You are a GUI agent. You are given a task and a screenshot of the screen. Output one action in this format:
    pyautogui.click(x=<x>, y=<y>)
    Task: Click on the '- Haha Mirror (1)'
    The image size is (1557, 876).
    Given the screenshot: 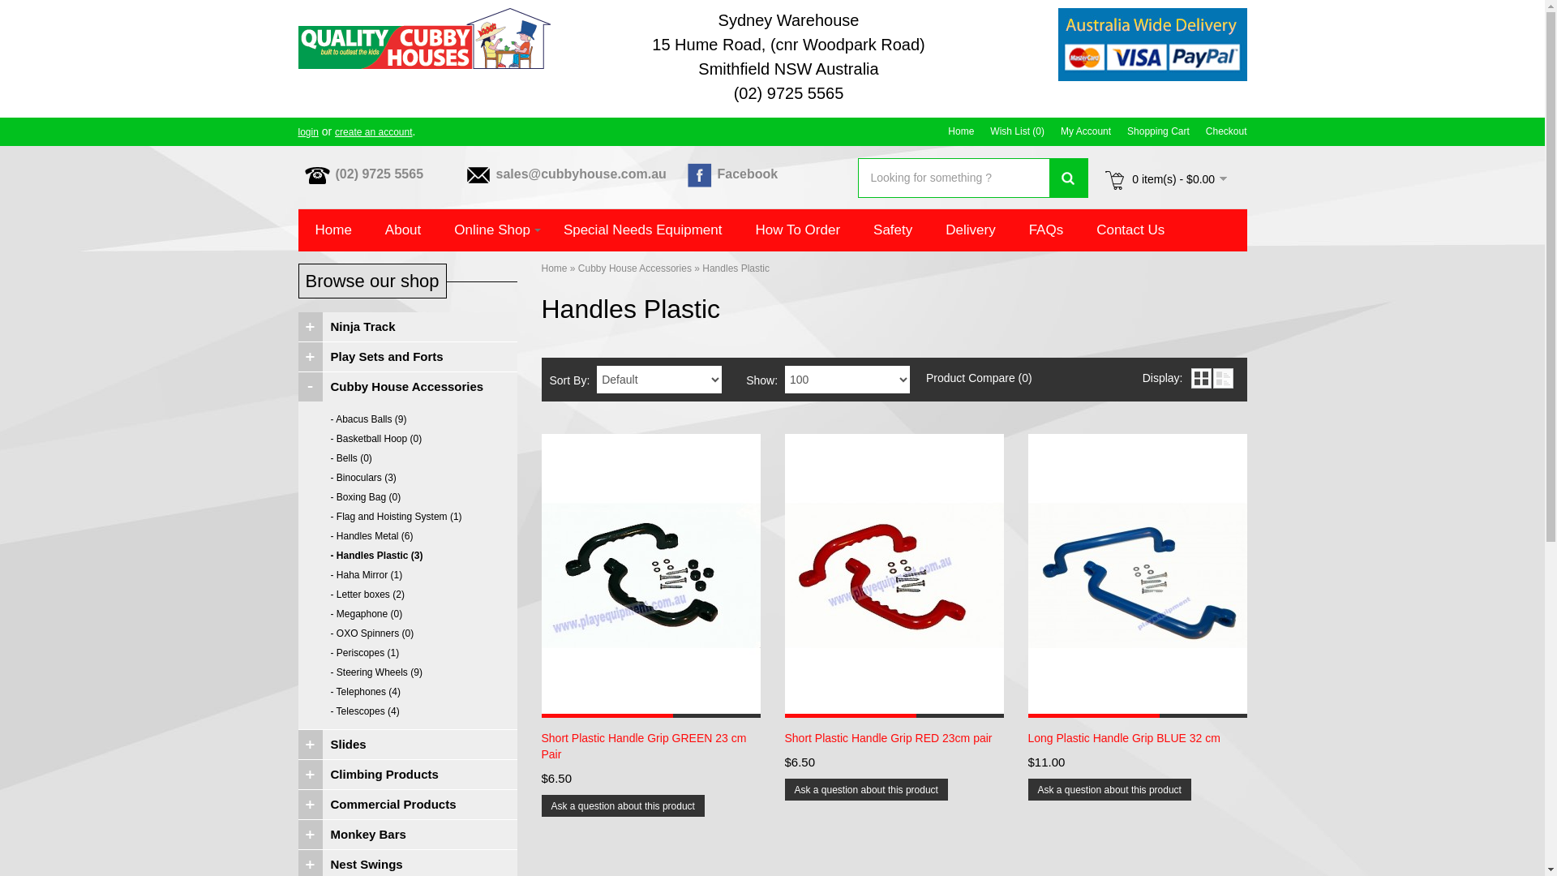 What is the action you would take?
    pyautogui.click(x=408, y=574)
    